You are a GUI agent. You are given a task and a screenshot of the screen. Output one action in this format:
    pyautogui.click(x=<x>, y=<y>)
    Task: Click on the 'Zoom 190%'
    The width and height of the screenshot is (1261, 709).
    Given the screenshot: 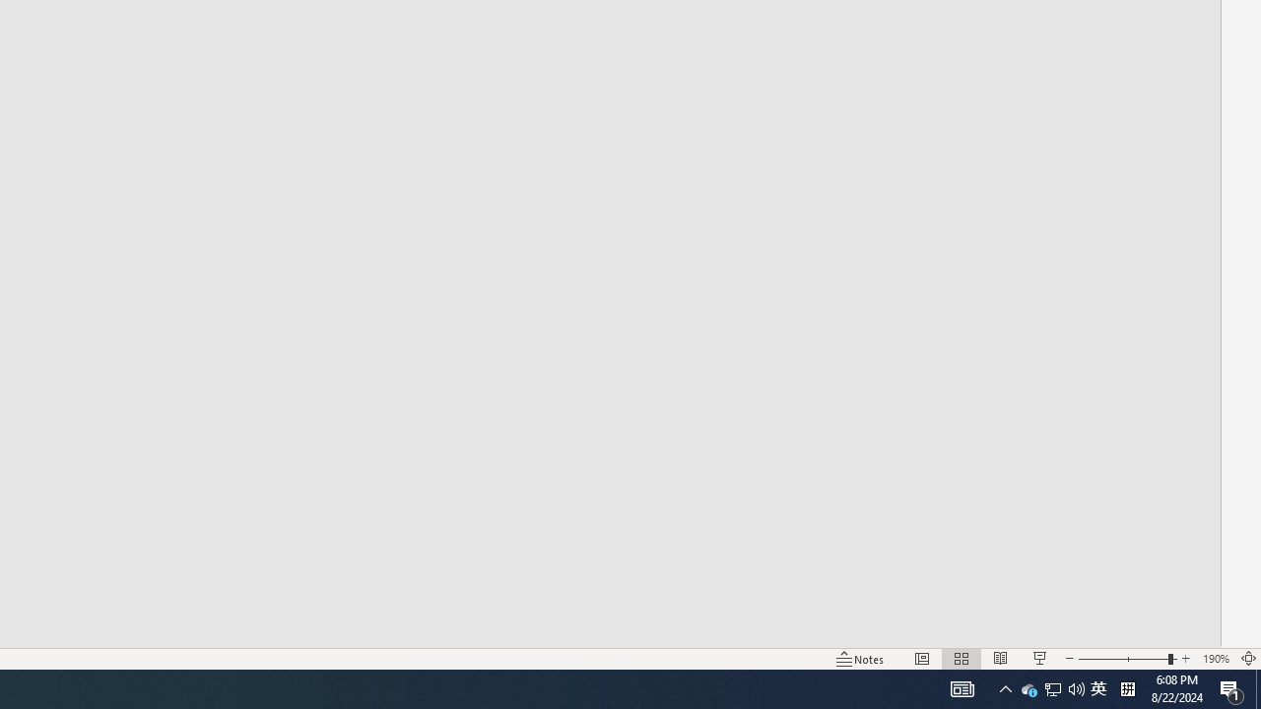 What is the action you would take?
    pyautogui.click(x=1215, y=659)
    